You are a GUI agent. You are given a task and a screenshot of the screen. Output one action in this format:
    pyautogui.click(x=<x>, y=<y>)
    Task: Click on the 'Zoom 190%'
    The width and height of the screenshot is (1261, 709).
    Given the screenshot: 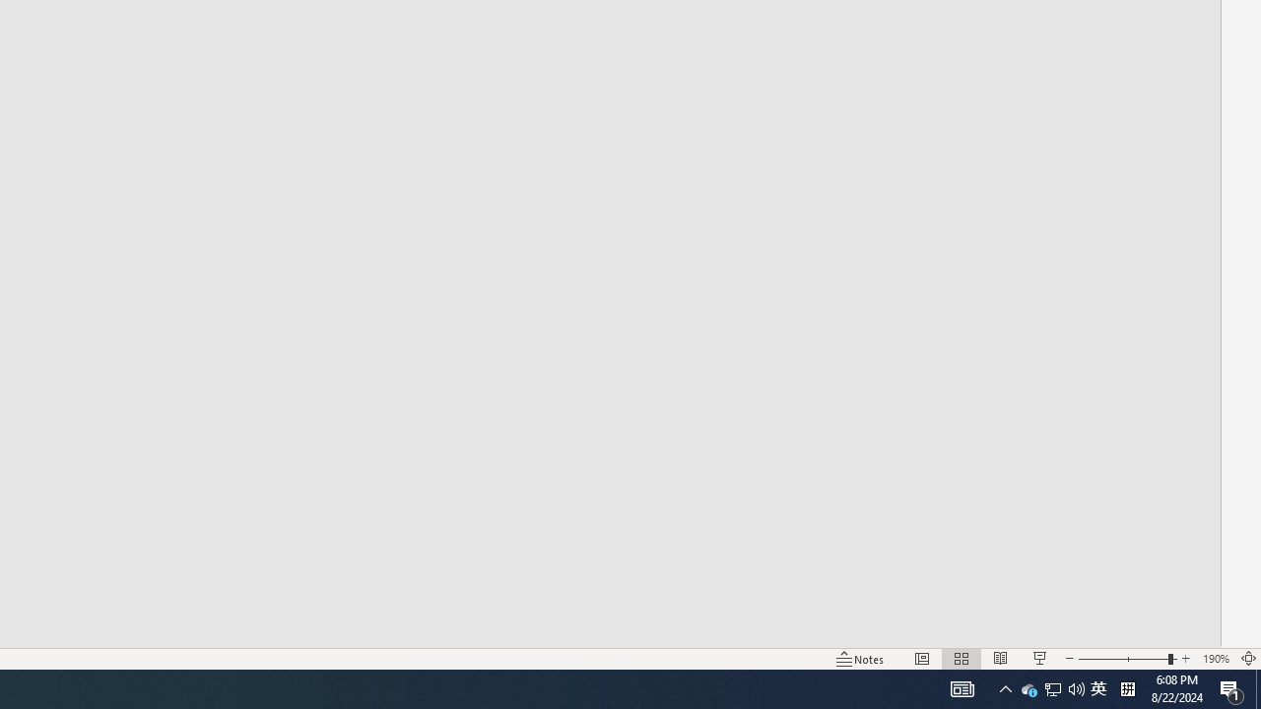 What is the action you would take?
    pyautogui.click(x=1215, y=659)
    